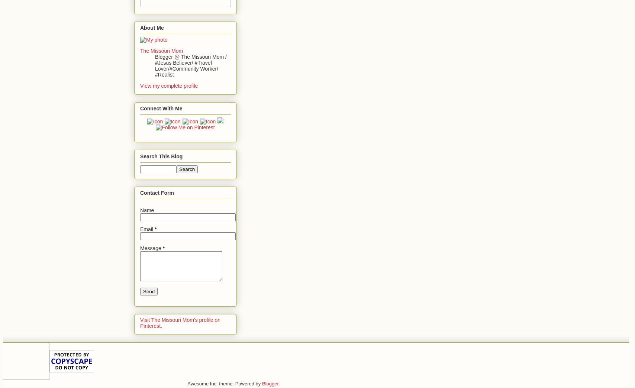 This screenshot has height=388, width=635. What do you see at coordinates (224, 384) in the screenshot?
I see `'Awesome Inc. theme. Powered by'` at bounding box center [224, 384].